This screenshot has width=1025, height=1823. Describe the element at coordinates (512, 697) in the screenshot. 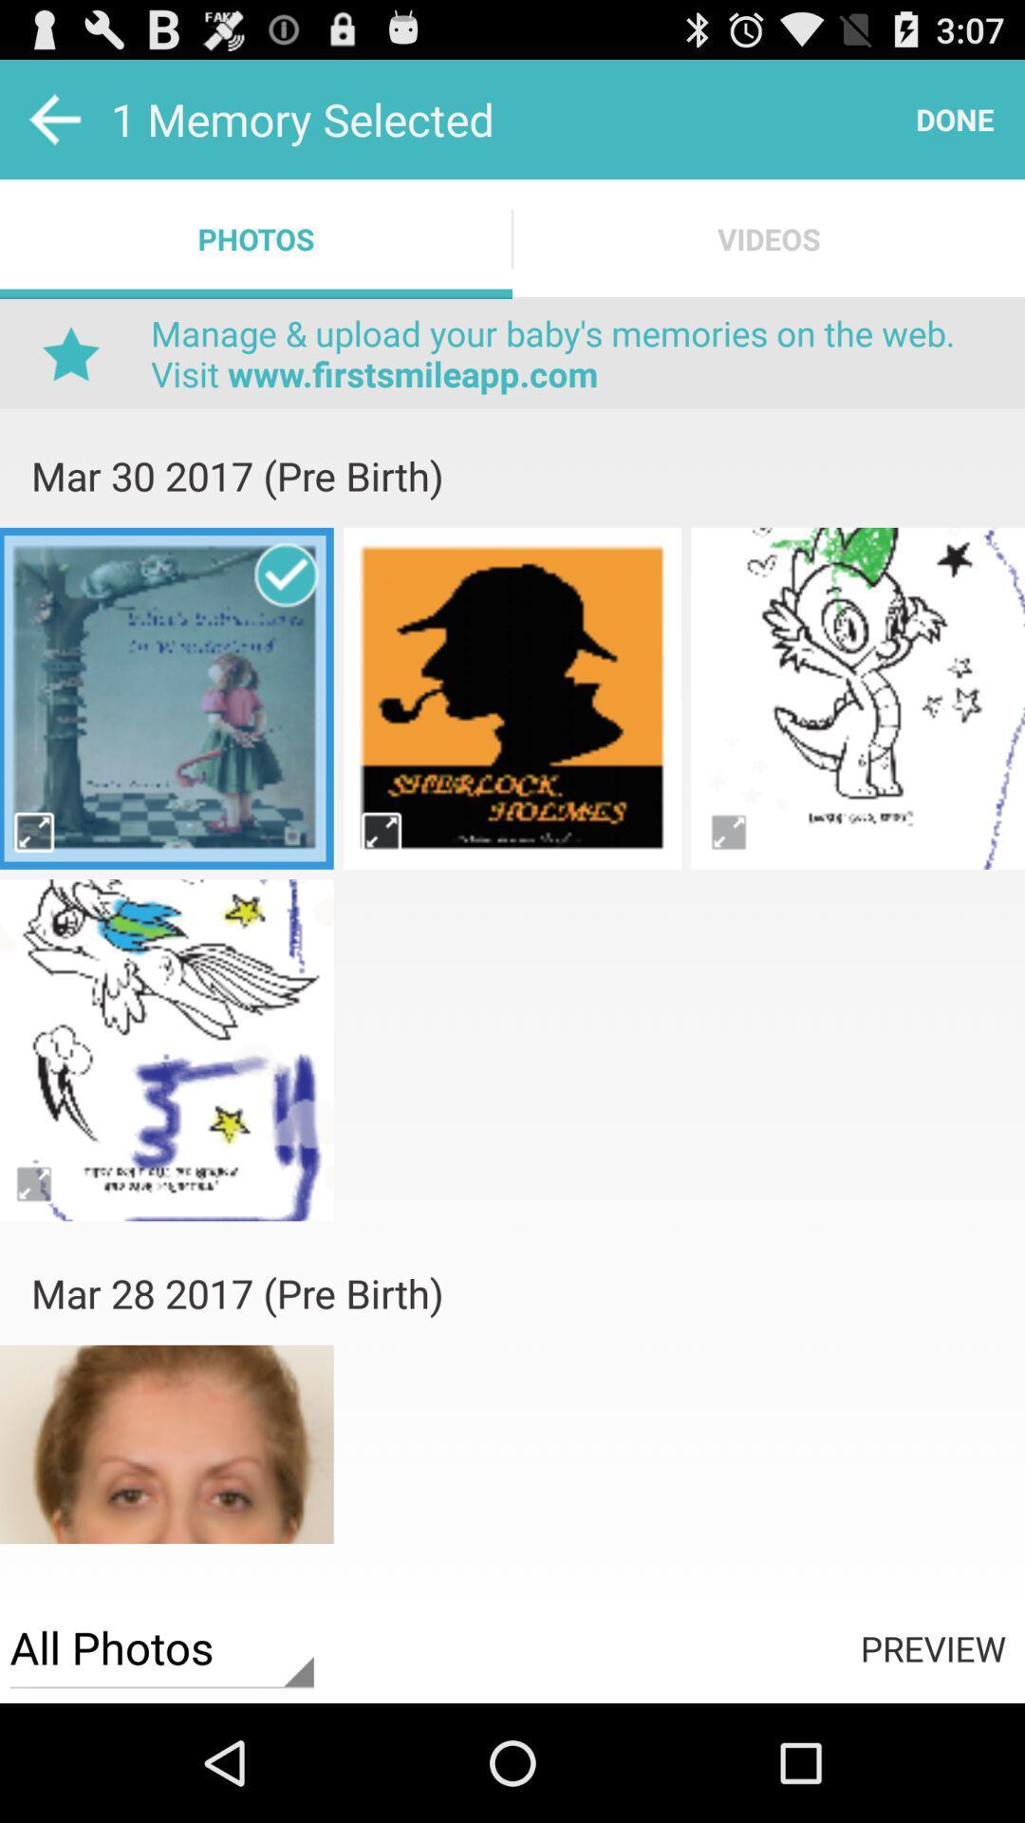

I see `photes` at that location.